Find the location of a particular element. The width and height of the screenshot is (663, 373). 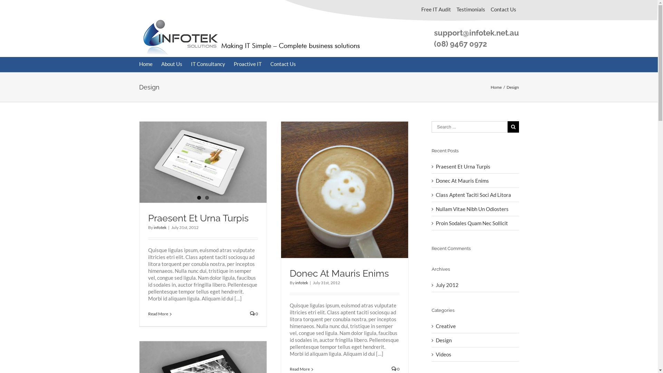

'Free IT Audit' is located at coordinates (435, 9).